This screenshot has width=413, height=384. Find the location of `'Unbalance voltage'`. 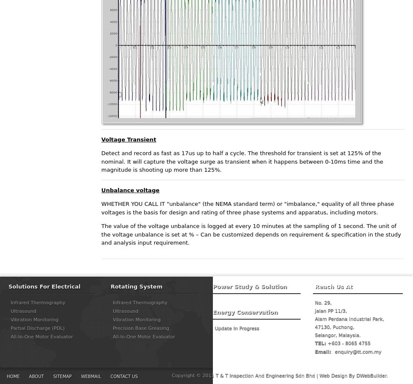

'Unbalance voltage' is located at coordinates (130, 189).